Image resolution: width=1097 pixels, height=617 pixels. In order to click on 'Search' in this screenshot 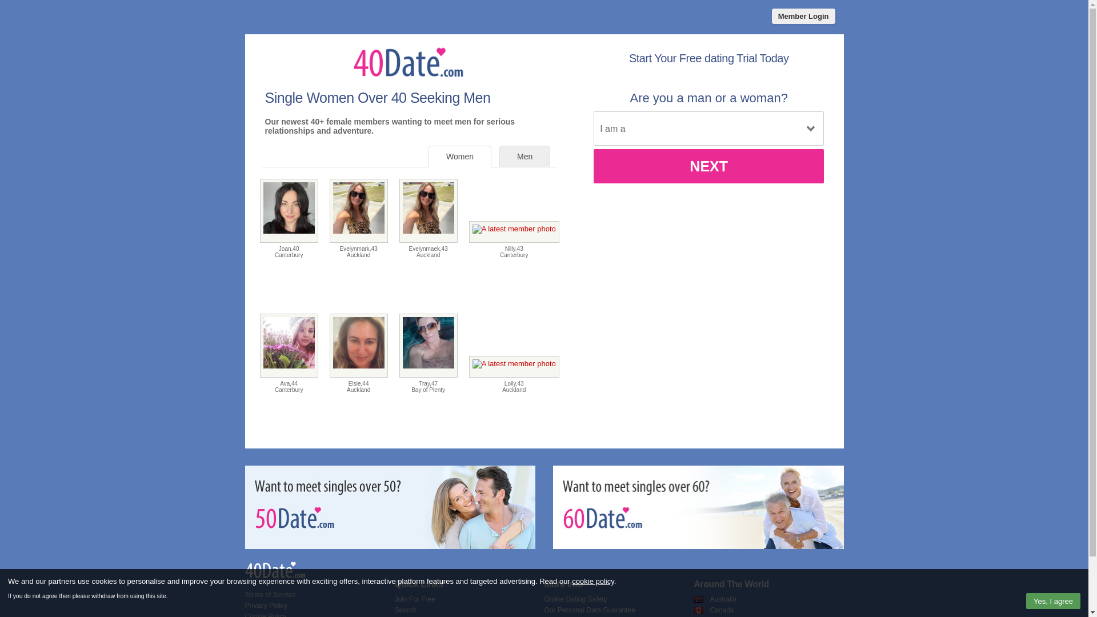, I will do `click(405, 610)`.